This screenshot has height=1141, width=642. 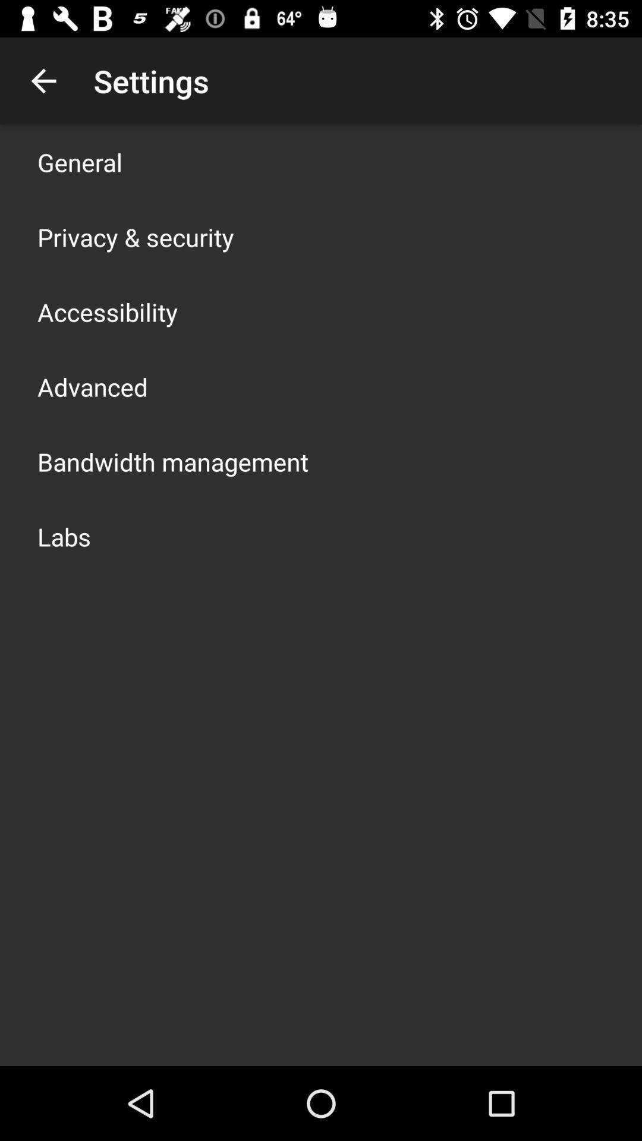 I want to click on the icon above the labs icon, so click(x=172, y=461).